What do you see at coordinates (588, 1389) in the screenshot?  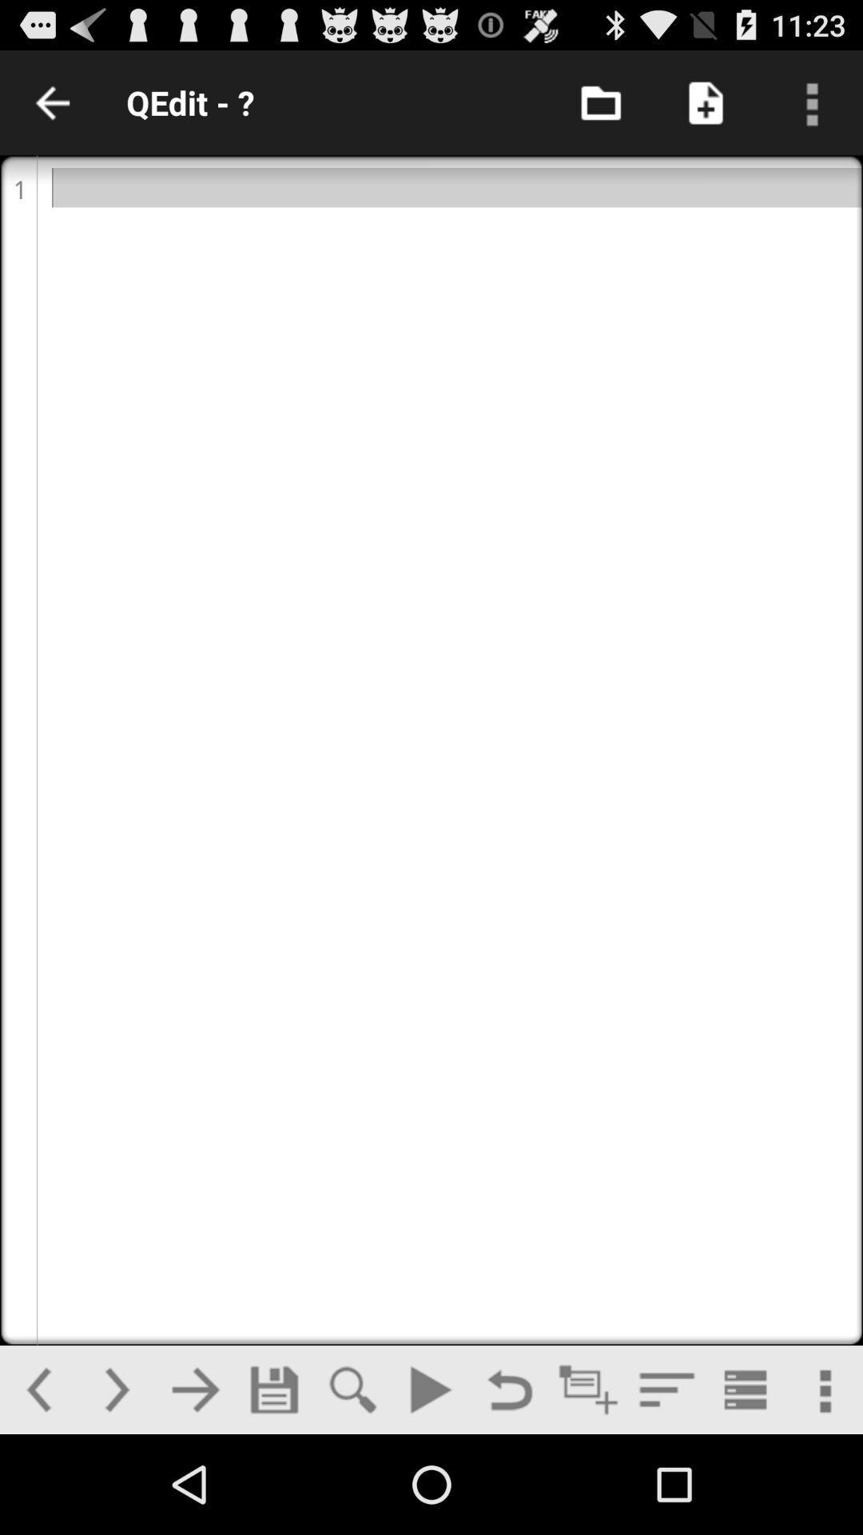 I see `a code` at bounding box center [588, 1389].